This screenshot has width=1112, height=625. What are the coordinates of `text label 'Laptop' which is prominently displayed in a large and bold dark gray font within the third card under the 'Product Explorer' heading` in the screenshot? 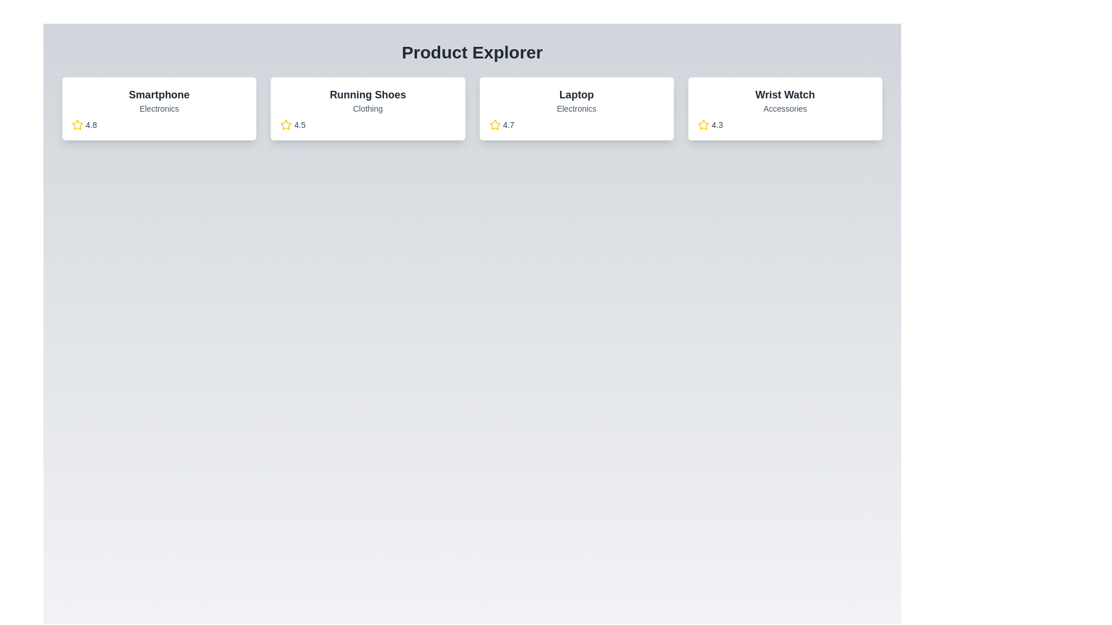 It's located at (576, 94).